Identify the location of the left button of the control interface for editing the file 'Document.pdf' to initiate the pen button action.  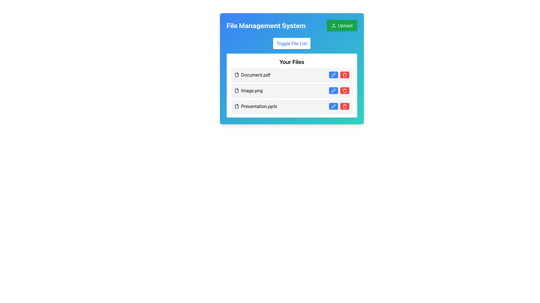
(339, 74).